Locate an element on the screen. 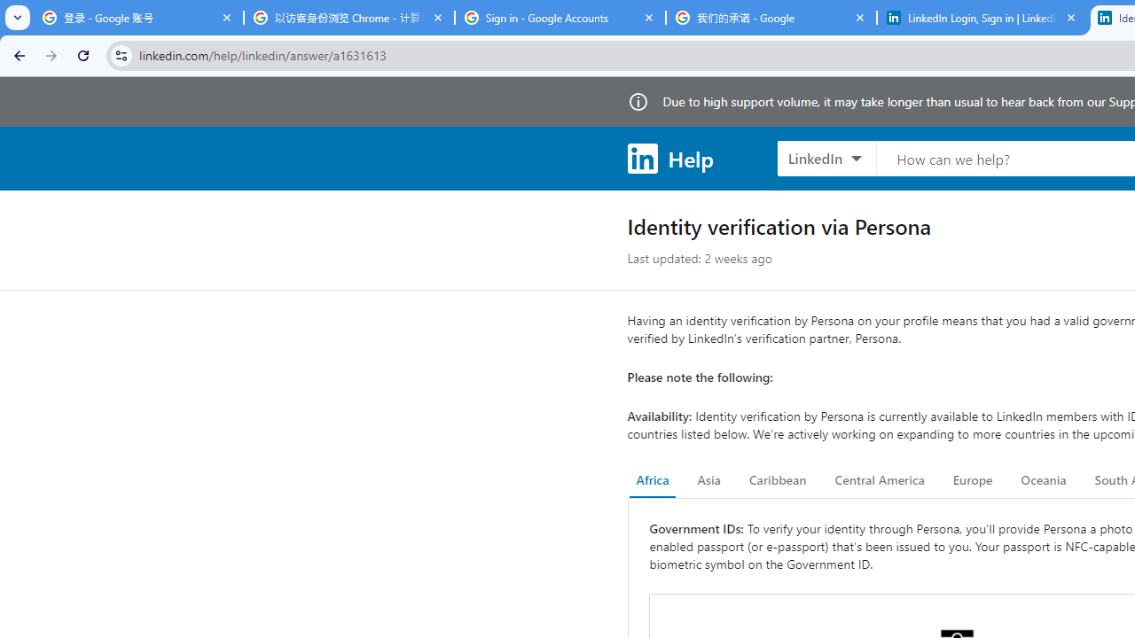 This screenshot has height=638, width=1135. 'Africa' is located at coordinates (652, 480).